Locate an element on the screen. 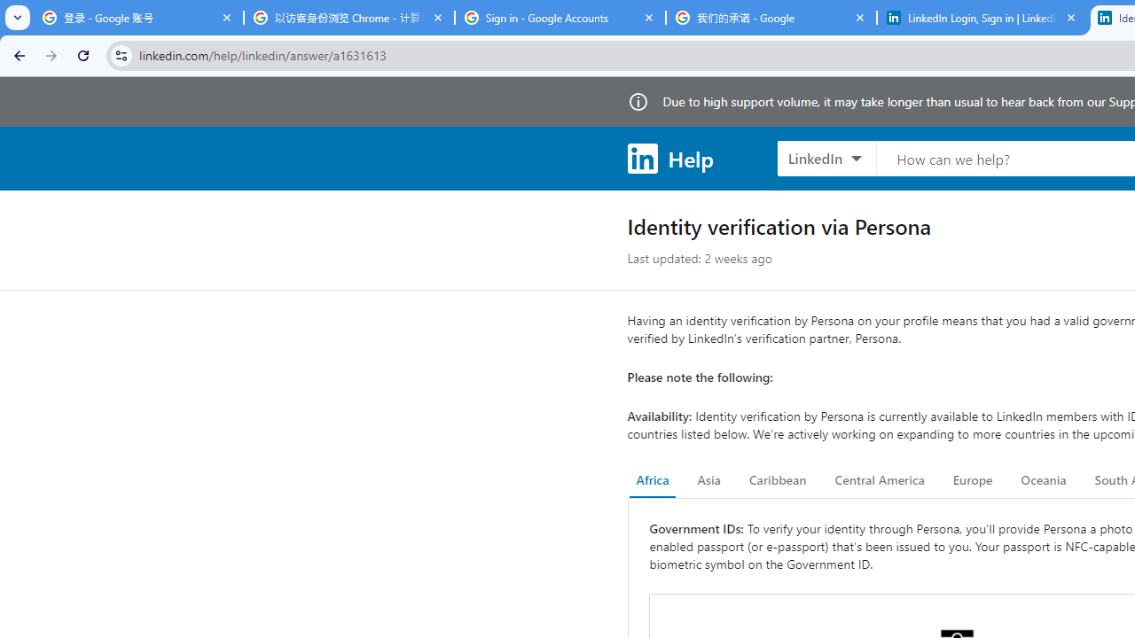 This screenshot has height=638, width=1135. 'Africa' is located at coordinates (652, 480).